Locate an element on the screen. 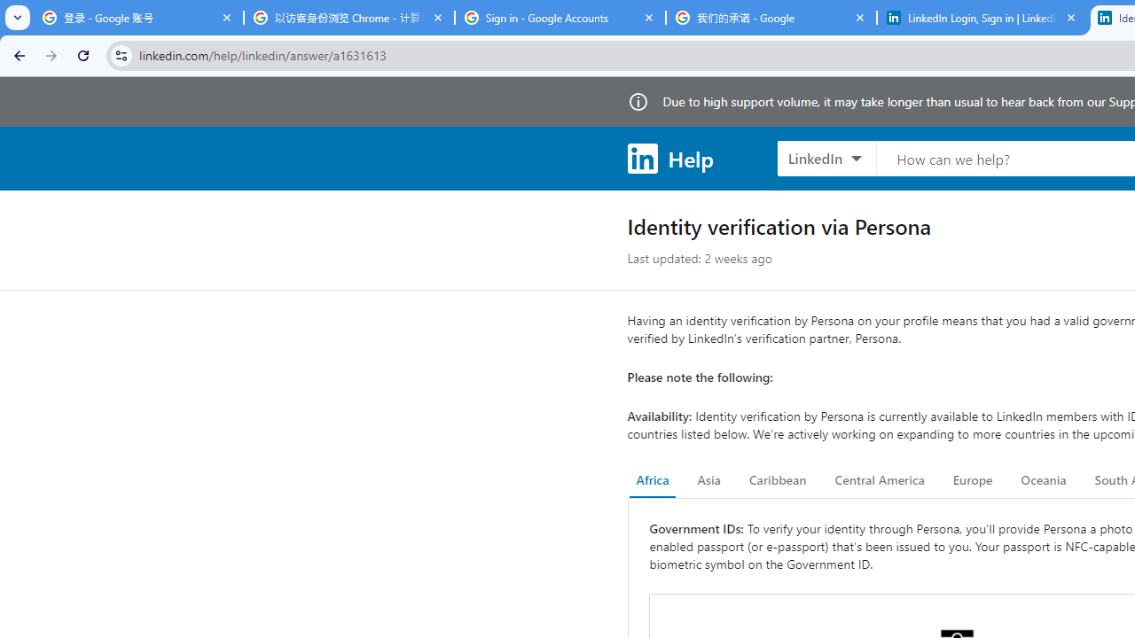 This screenshot has height=638, width=1135. 'Africa' is located at coordinates (652, 480).